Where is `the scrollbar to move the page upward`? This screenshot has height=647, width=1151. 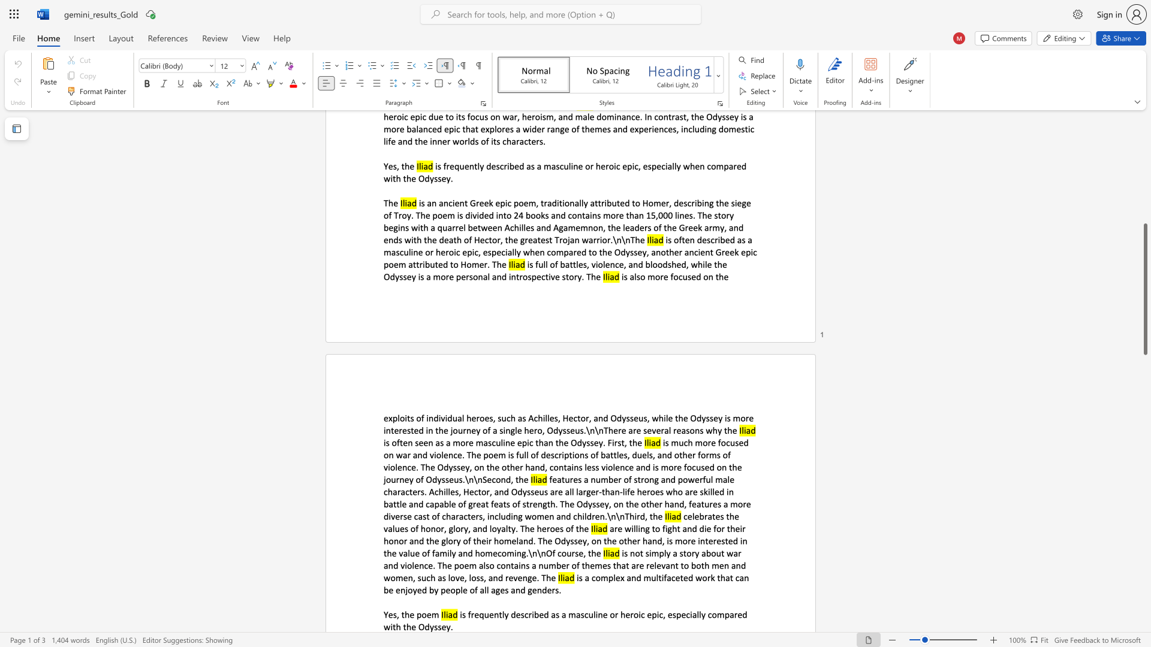
the scrollbar to move the page upward is located at coordinates (1144, 244).